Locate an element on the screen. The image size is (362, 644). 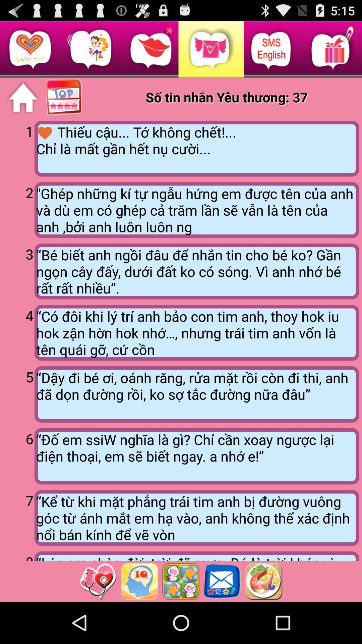
top rated is located at coordinates (64, 97).